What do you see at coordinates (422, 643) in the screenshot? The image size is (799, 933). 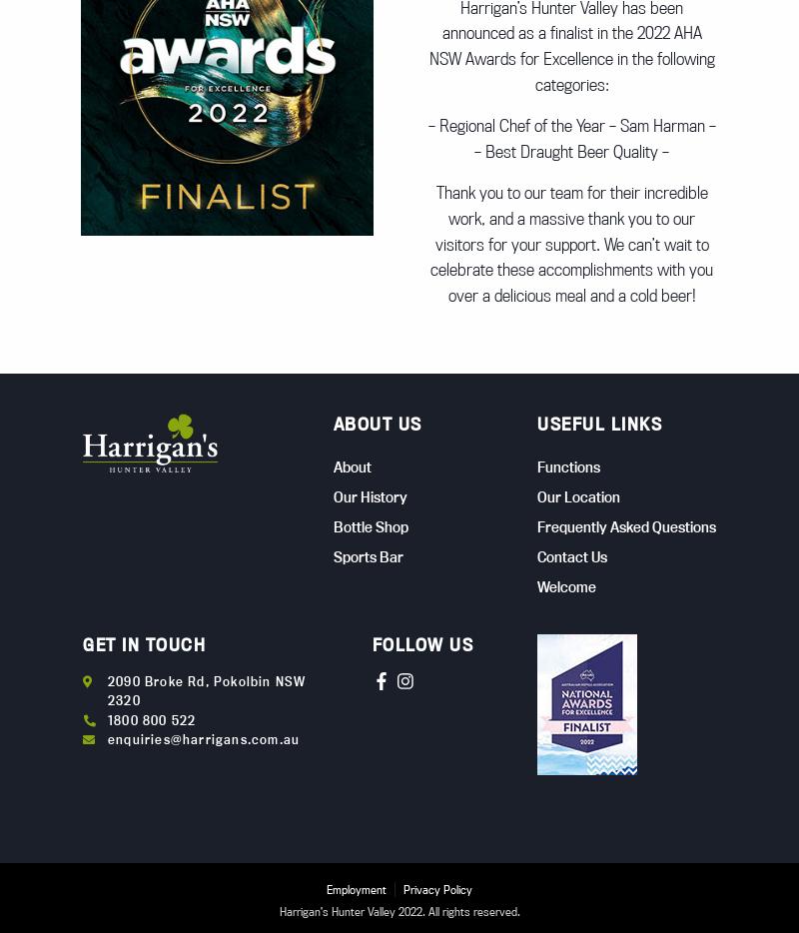 I see `'Follow us'` at bounding box center [422, 643].